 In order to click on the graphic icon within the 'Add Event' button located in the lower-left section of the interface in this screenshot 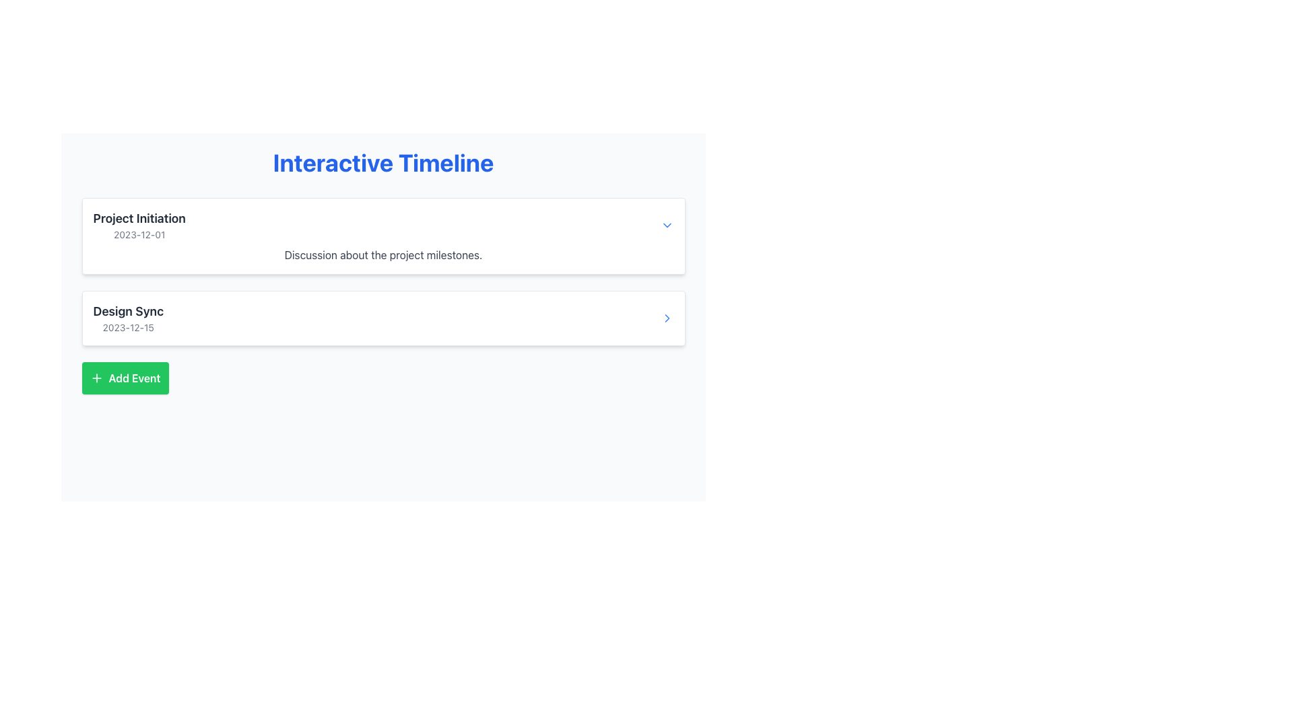, I will do `click(96, 378)`.